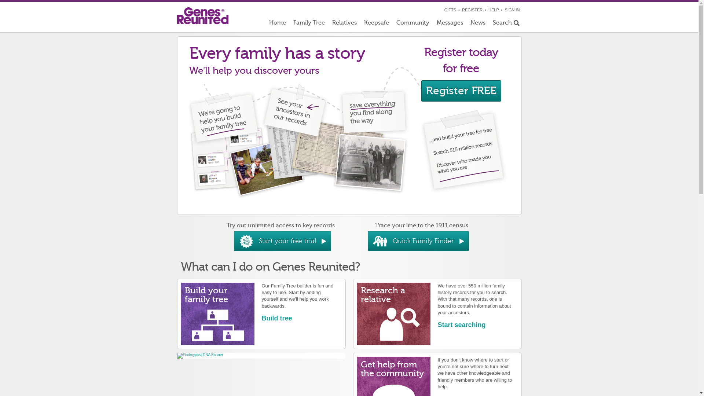 The width and height of the screenshot is (704, 396). Describe the element at coordinates (412, 24) in the screenshot. I see `'Community'` at that location.